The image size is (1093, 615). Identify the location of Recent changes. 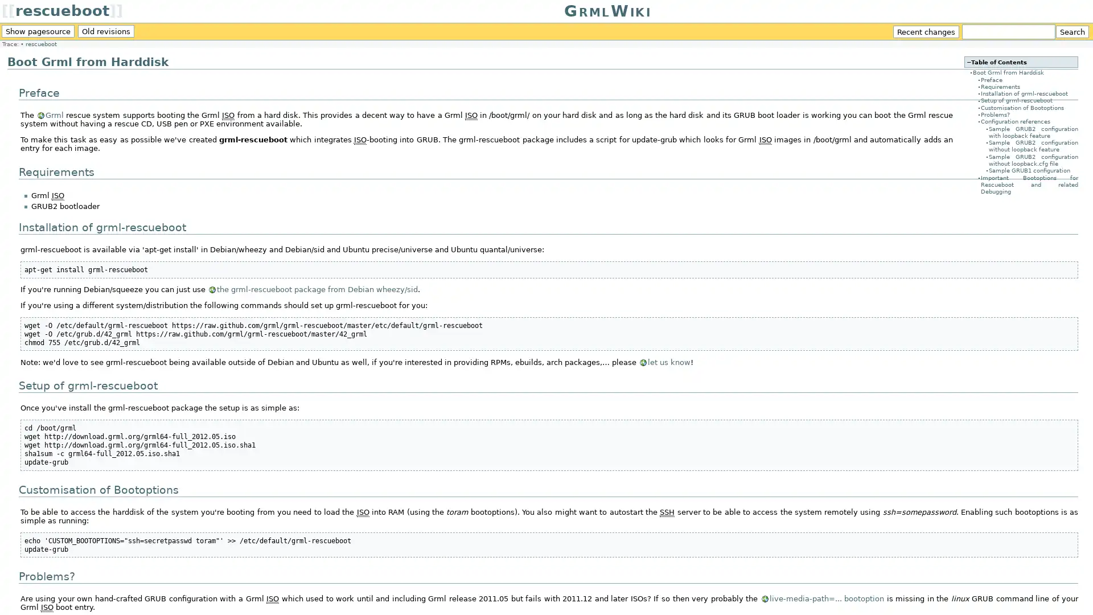
(926, 31).